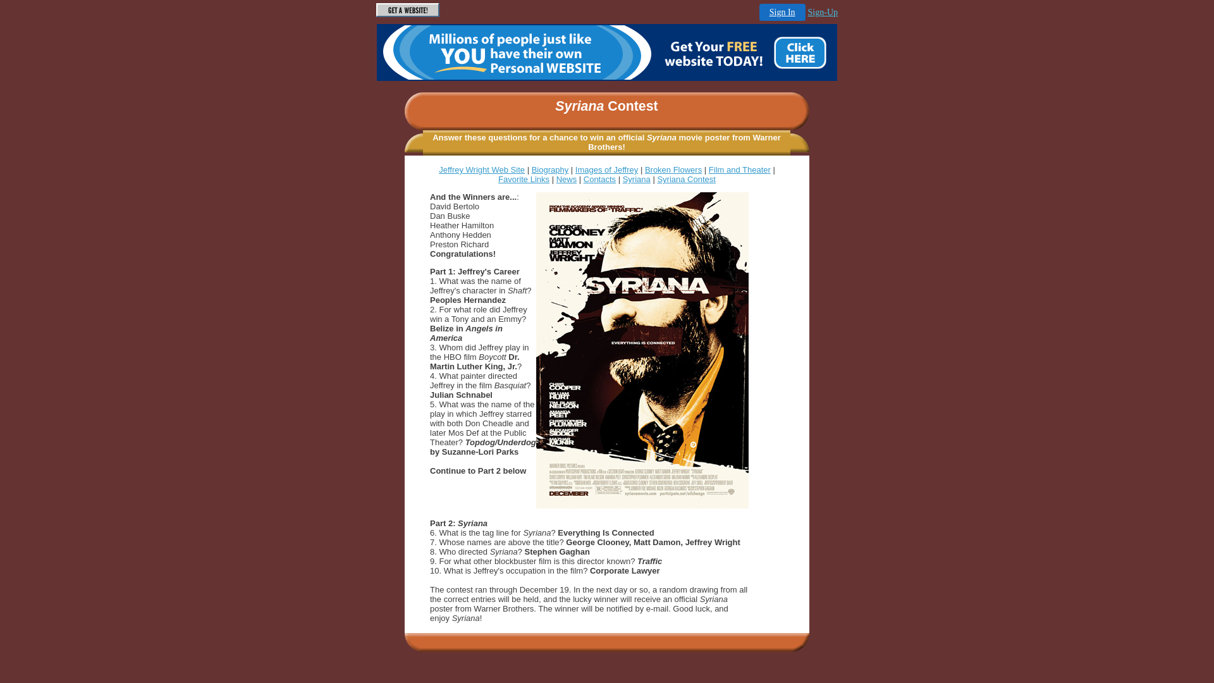  I want to click on 'Broken Flowers', so click(644, 169).